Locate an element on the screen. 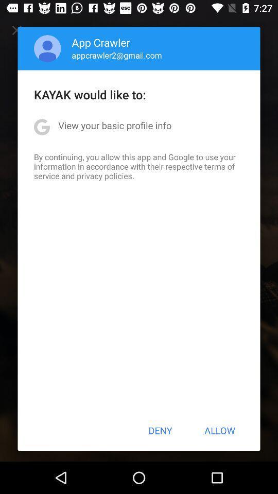 This screenshot has width=278, height=494. the deny button is located at coordinates (160, 430).